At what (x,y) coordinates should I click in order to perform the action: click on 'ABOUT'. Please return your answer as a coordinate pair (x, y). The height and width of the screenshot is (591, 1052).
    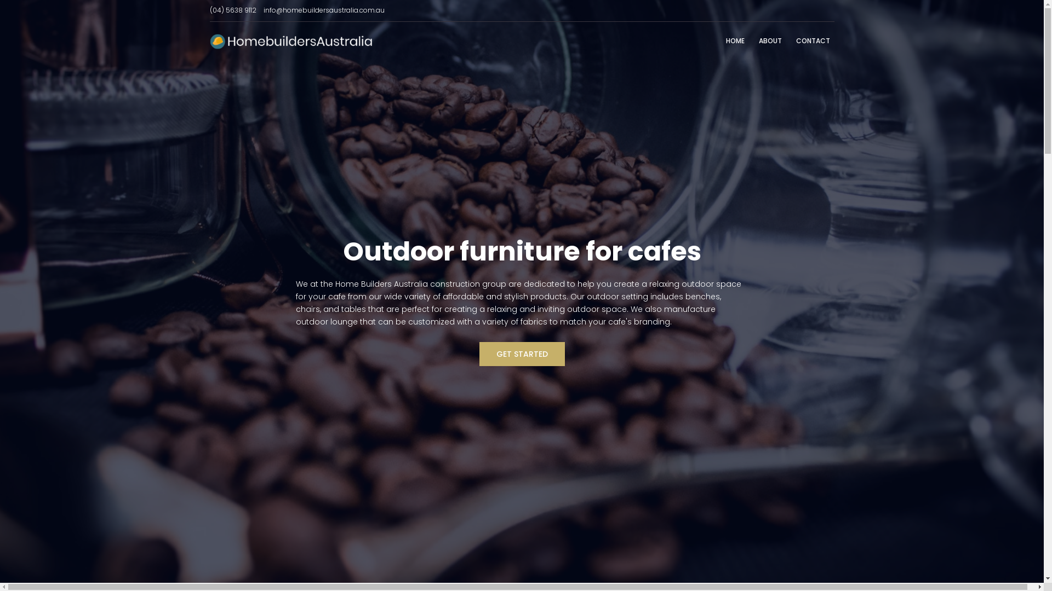
    Looking at the image, I should click on (769, 40).